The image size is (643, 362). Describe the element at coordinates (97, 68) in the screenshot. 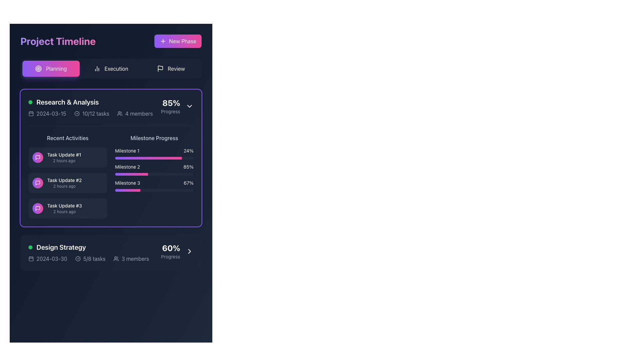

I see `the 'Execution' icon in the navigation bar, which is the second item from the left, used for tracking or managing execution tasks` at that location.